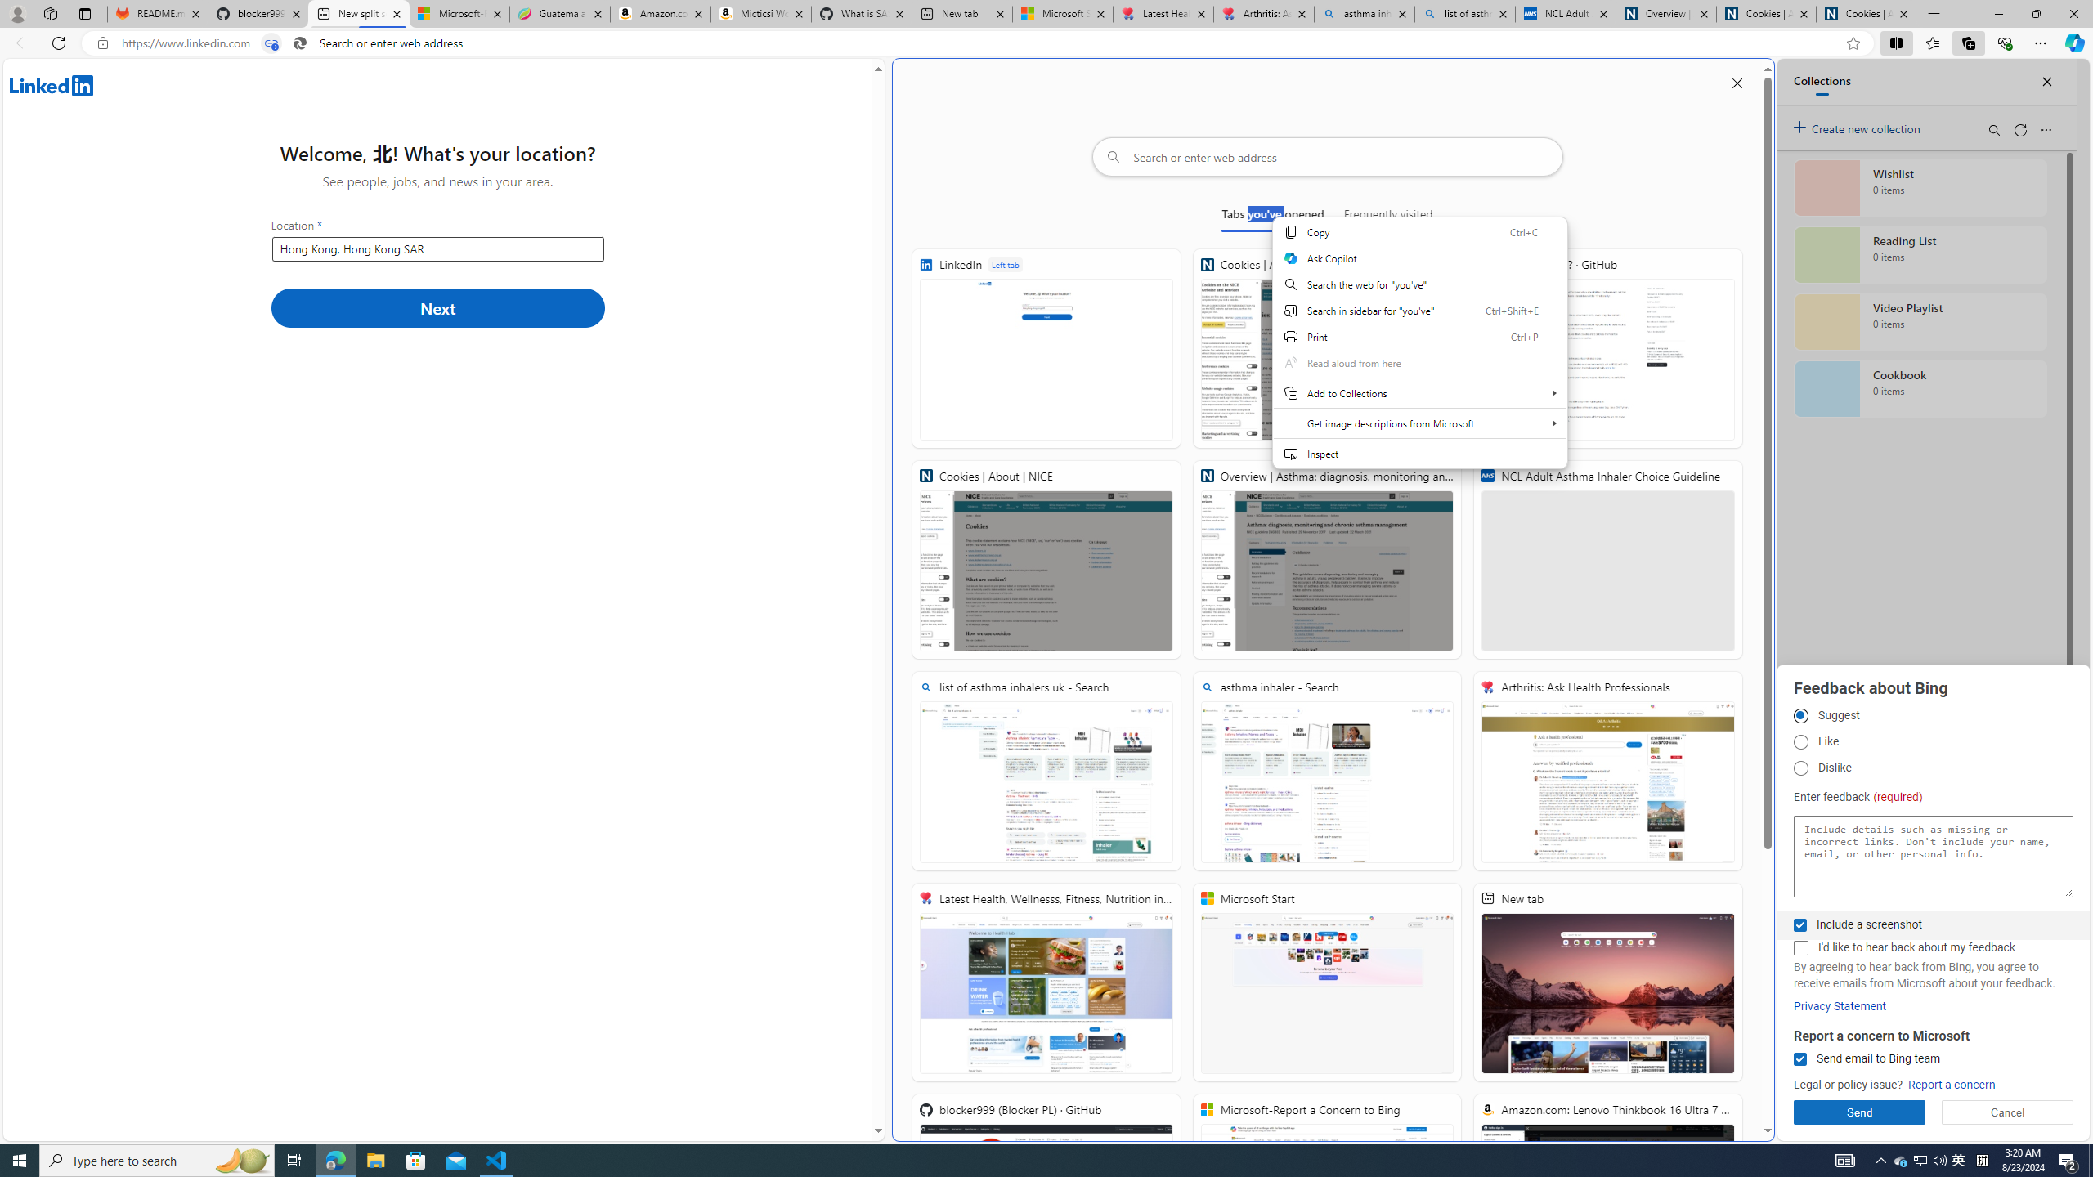  I want to click on 'list of asthma inhalers uk - Search', so click(1464, 13).